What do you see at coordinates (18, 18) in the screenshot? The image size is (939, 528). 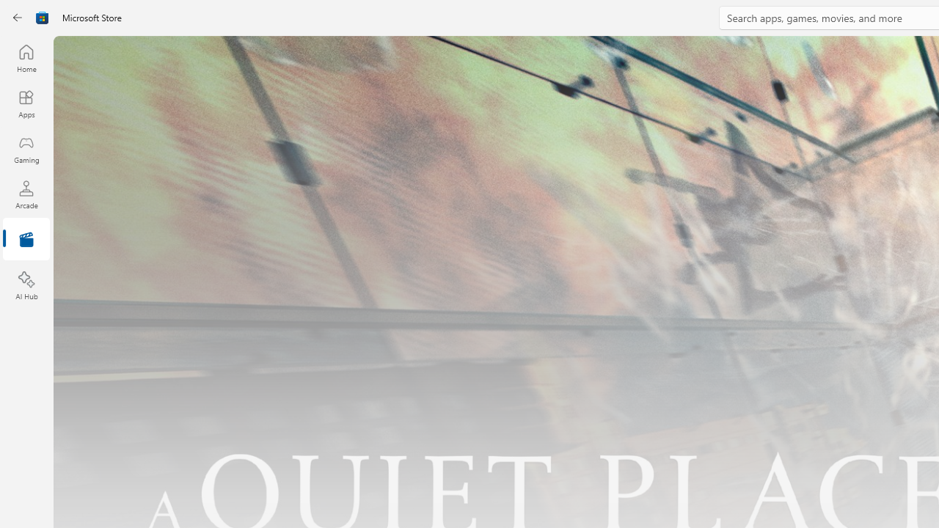 I see `'Back'` at bounding box center [18, 18].